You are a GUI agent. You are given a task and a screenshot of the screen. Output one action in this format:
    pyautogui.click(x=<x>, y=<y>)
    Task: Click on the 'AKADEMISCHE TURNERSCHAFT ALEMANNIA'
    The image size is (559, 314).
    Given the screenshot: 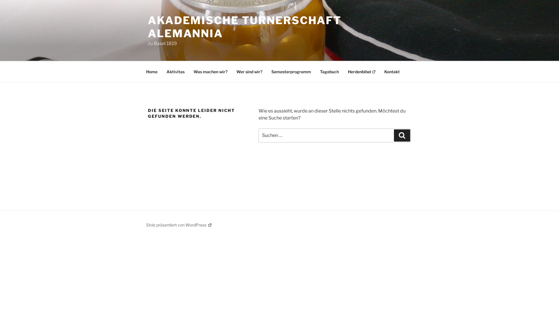 What is the action you would take?
    pyautogui.click(x=245, y=27)
    